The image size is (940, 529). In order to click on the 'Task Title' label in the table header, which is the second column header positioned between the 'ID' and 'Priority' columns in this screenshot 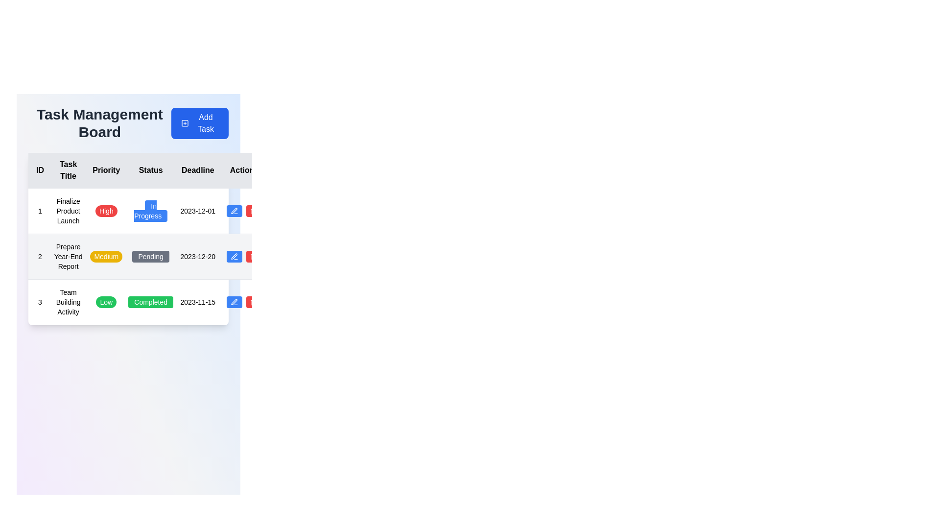, I will do `click(68, 170)`.